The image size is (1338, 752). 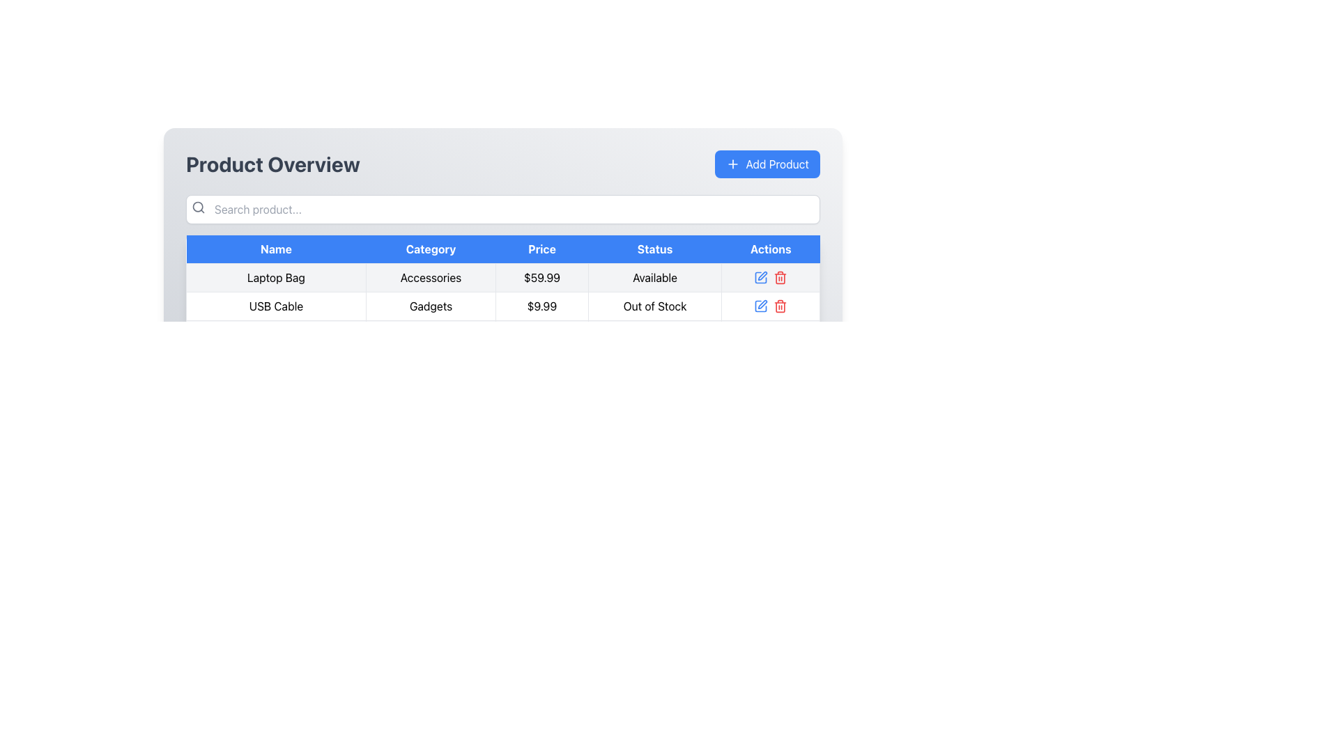 I want to click on the square icon with rounded corners representing an editing action located on the right side of the second row in the table under the 'Actions' column, so click(x=760, y=305).